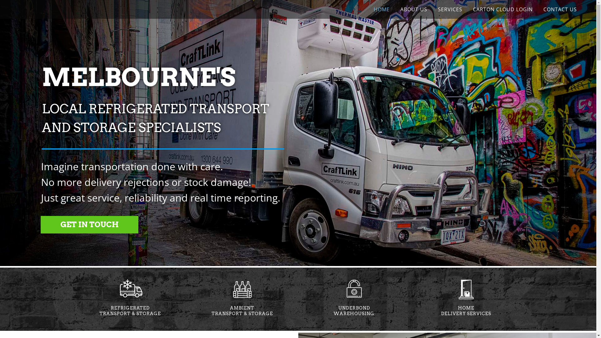 The image size is (601, 338). What do you see at coordinates (242, 289) in the screenshot?
I see `'ambient delivery icon'` at bounding box center [242, 289].